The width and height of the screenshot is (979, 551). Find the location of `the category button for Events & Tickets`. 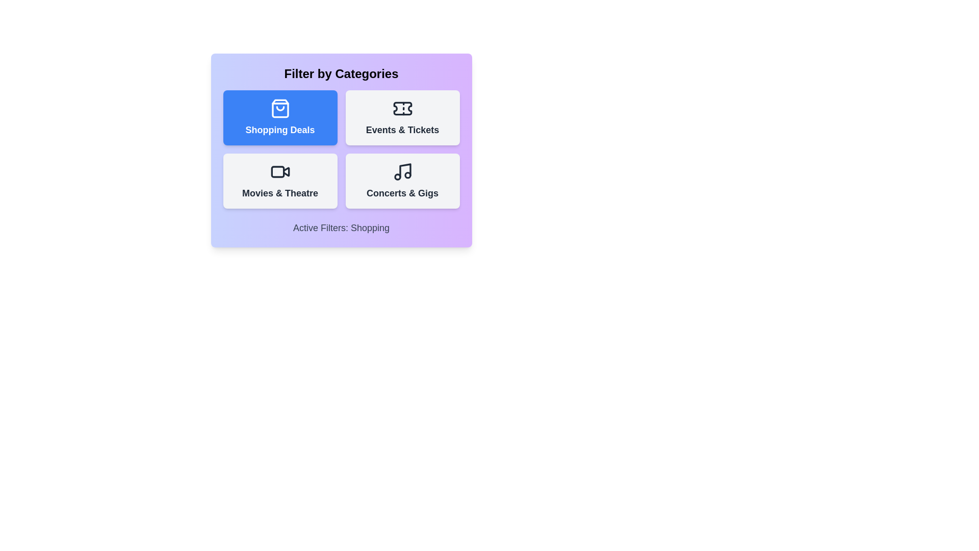

the category button for Events & Tickets is located at coordinates (402, 117).